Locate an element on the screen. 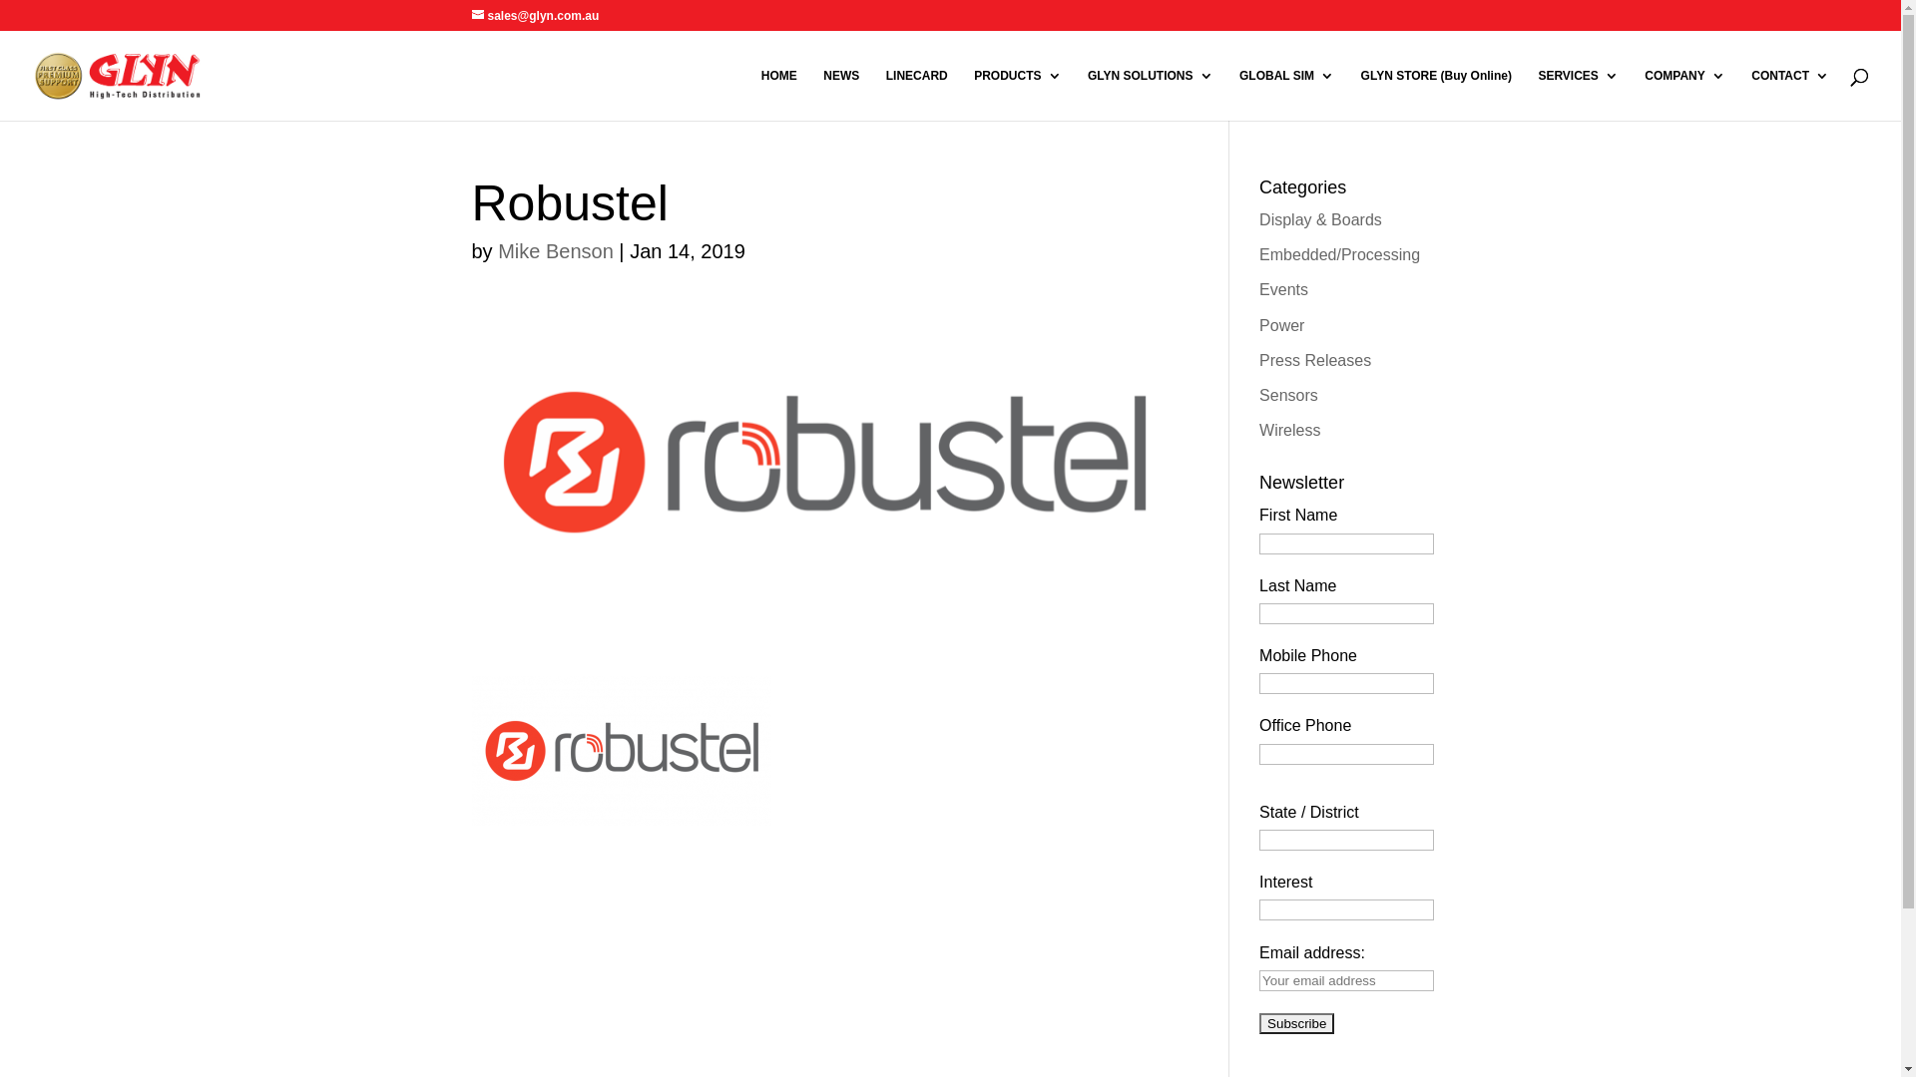 This screenshot has width=1916, height=1077. 'Wireless' is located at coordinates (1289, 429).